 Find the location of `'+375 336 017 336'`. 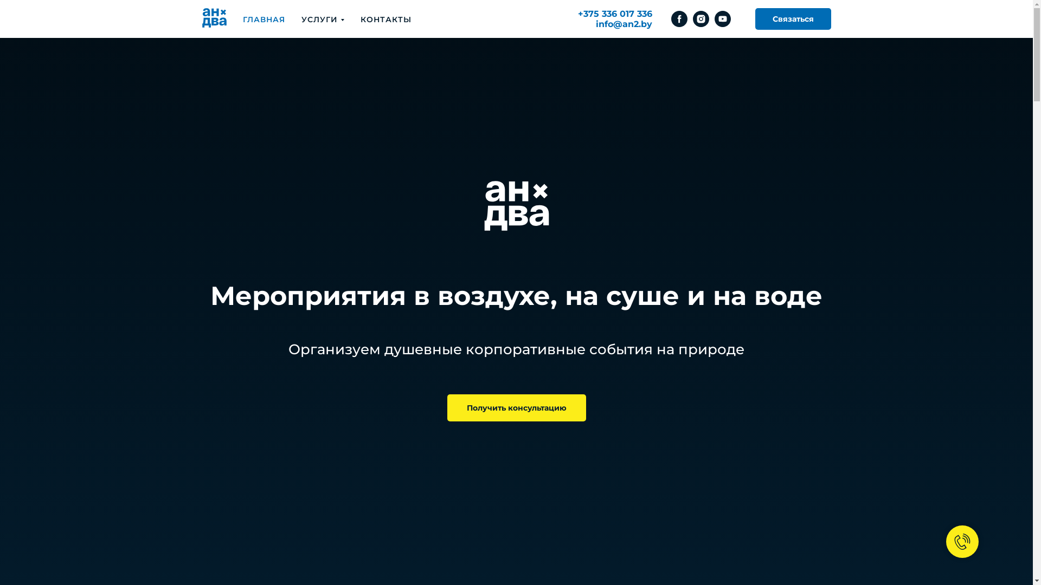

'+375 336 017 336' is located at coordinates (577, 14).